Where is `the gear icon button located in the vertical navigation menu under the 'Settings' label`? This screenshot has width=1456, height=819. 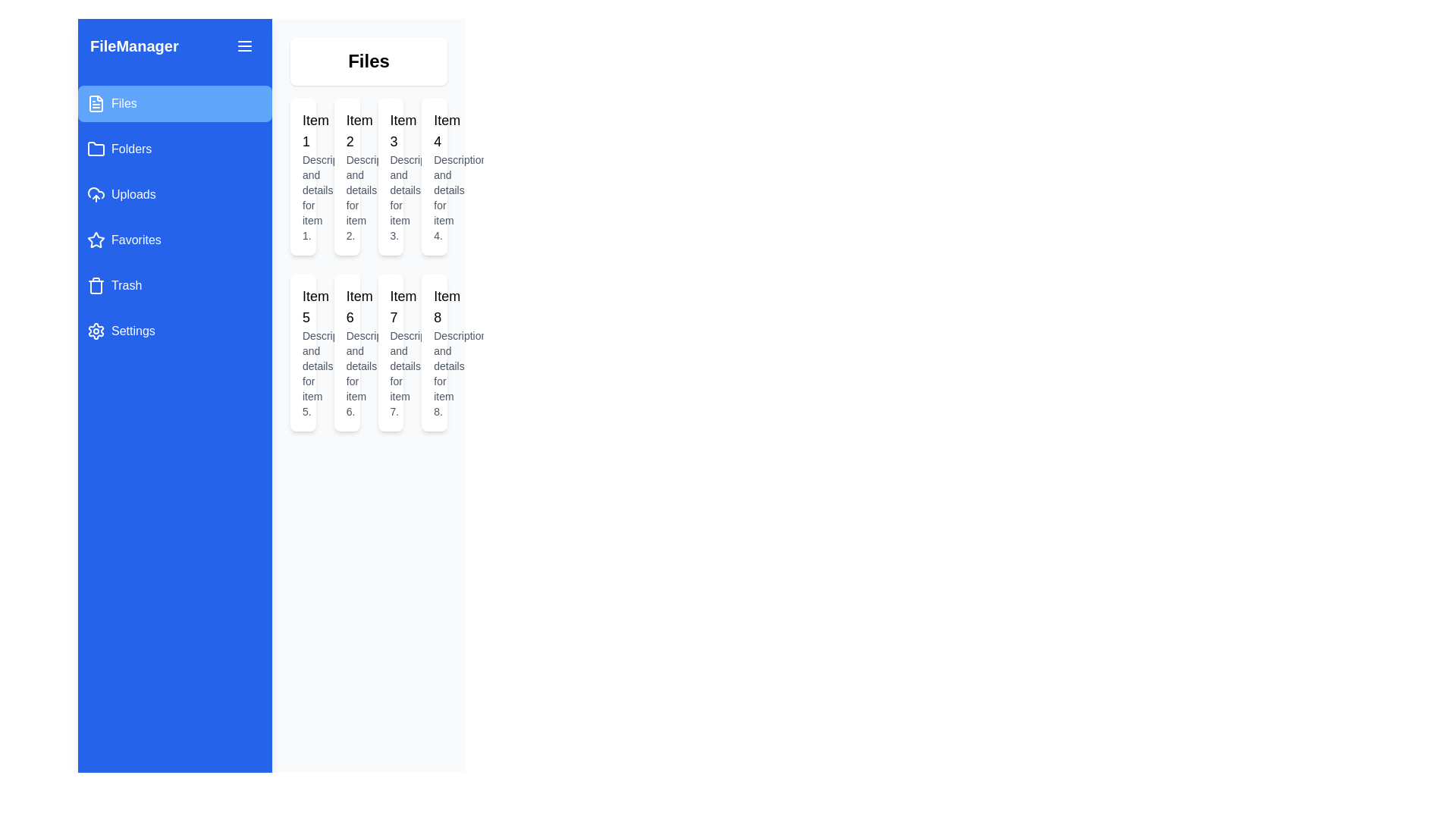
the gear icon button located in the vertical navigation menu under the 'Settings' label is located at coordinates (95, 330).